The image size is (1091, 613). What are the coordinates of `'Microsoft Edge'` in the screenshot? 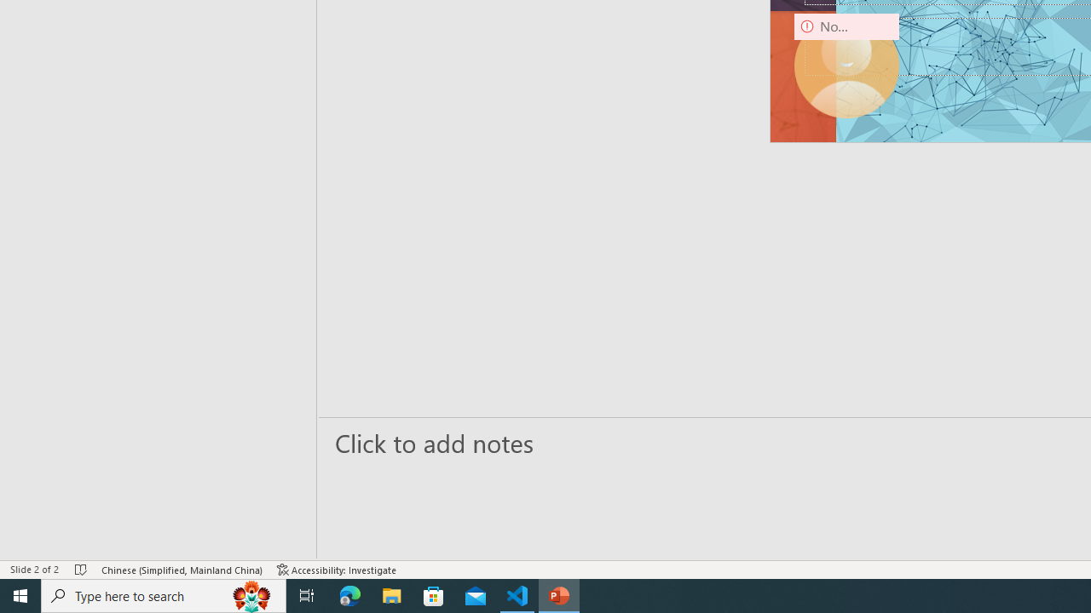 It's located at (349, 594).